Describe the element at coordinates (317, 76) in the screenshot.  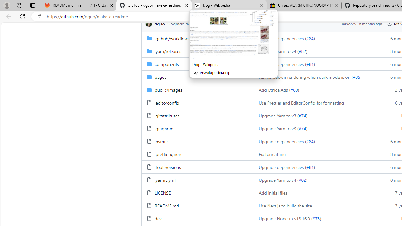
I see `'Fix Markdown rendering when dark mode is on (#85)'` at that location.